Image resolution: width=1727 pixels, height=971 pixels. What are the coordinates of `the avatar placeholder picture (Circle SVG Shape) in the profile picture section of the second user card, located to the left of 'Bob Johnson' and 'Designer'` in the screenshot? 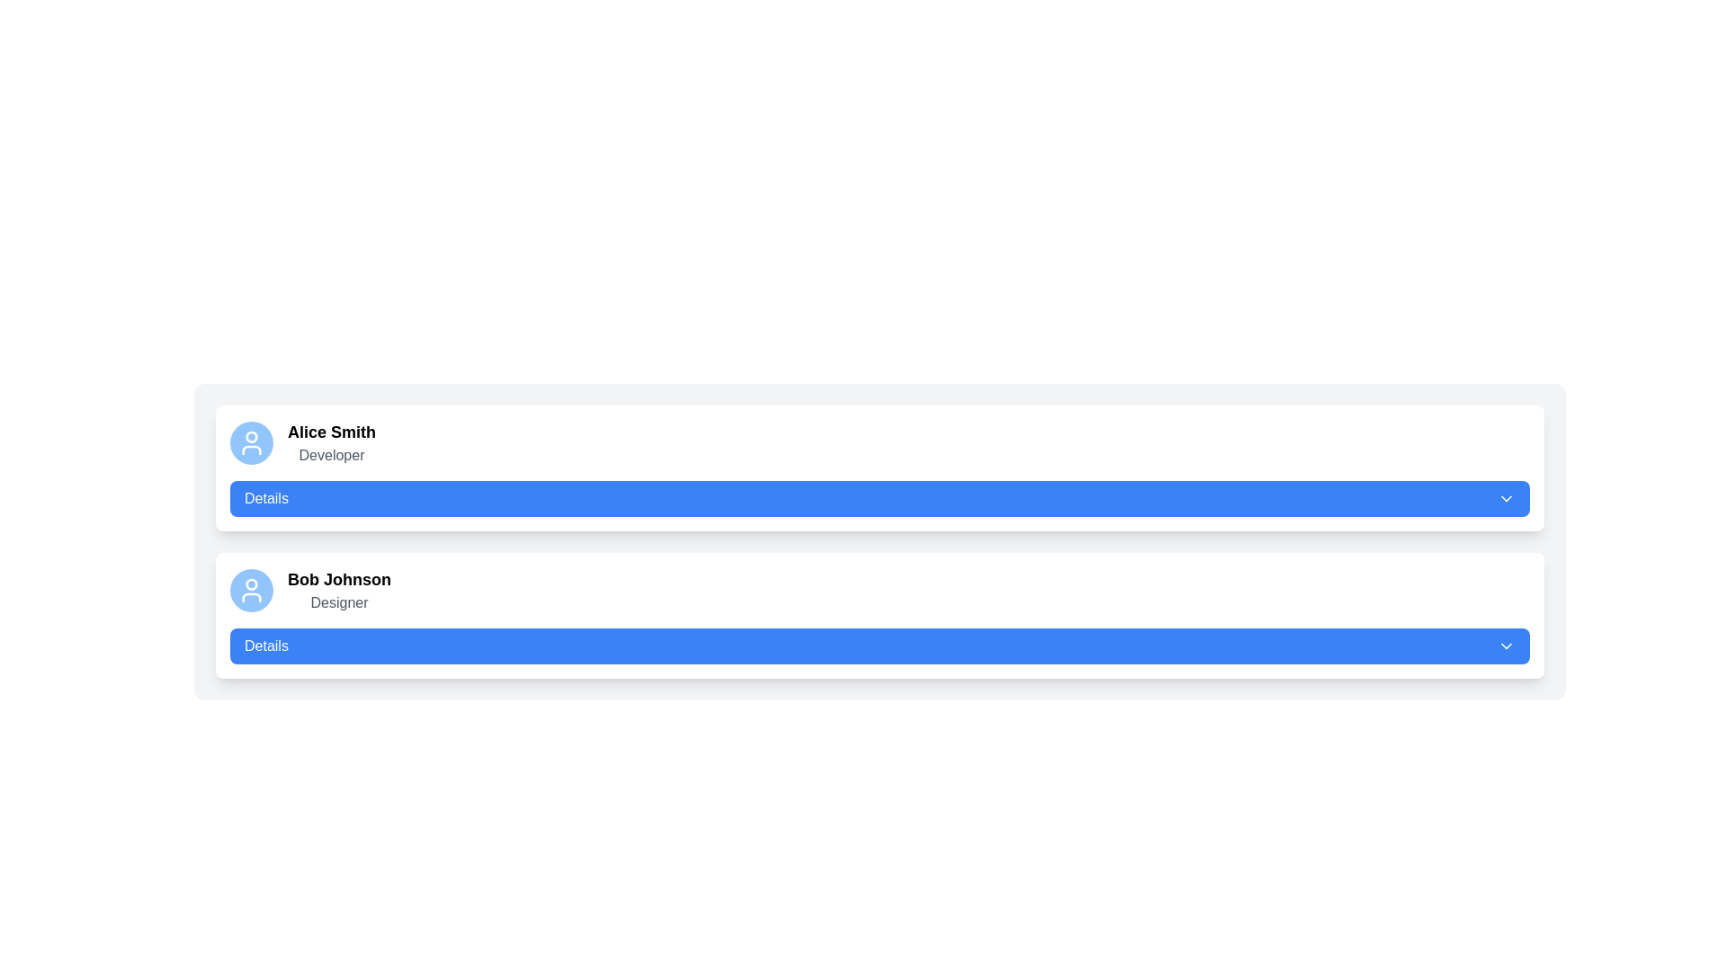 It's located at (250, 584).